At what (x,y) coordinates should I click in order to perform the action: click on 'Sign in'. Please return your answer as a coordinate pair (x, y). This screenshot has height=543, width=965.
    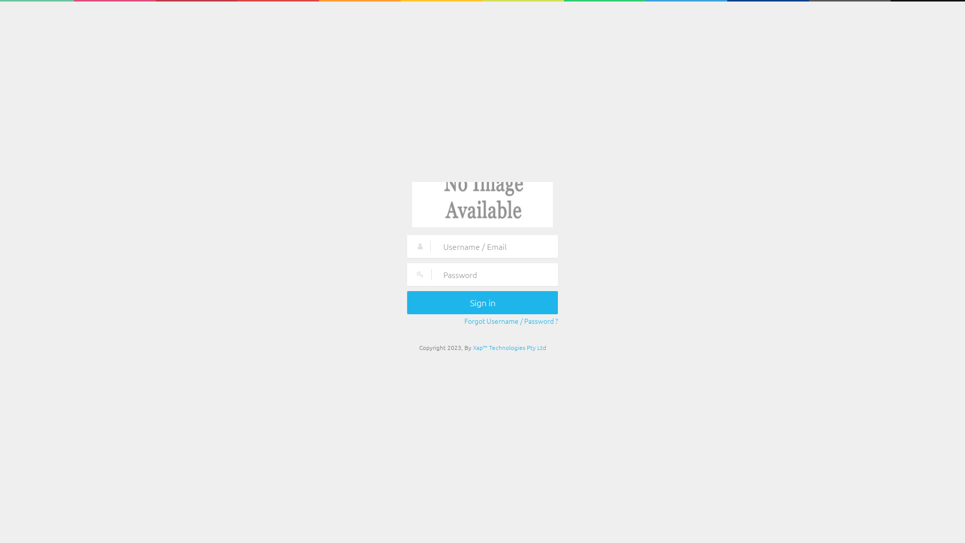
    Looking at the image, I should click on (482, 302).